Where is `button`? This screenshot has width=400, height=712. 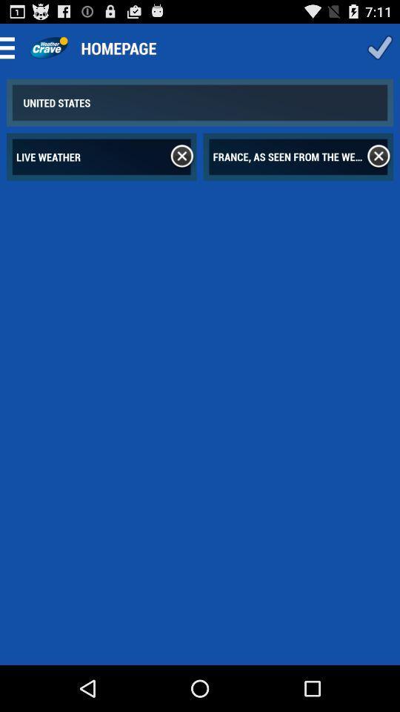 button is located at coordinates (379, 47).